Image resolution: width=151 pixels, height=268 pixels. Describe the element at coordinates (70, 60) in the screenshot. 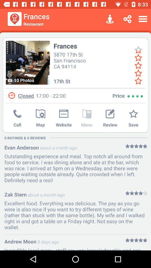

I see `3870 17th st item` at that location.